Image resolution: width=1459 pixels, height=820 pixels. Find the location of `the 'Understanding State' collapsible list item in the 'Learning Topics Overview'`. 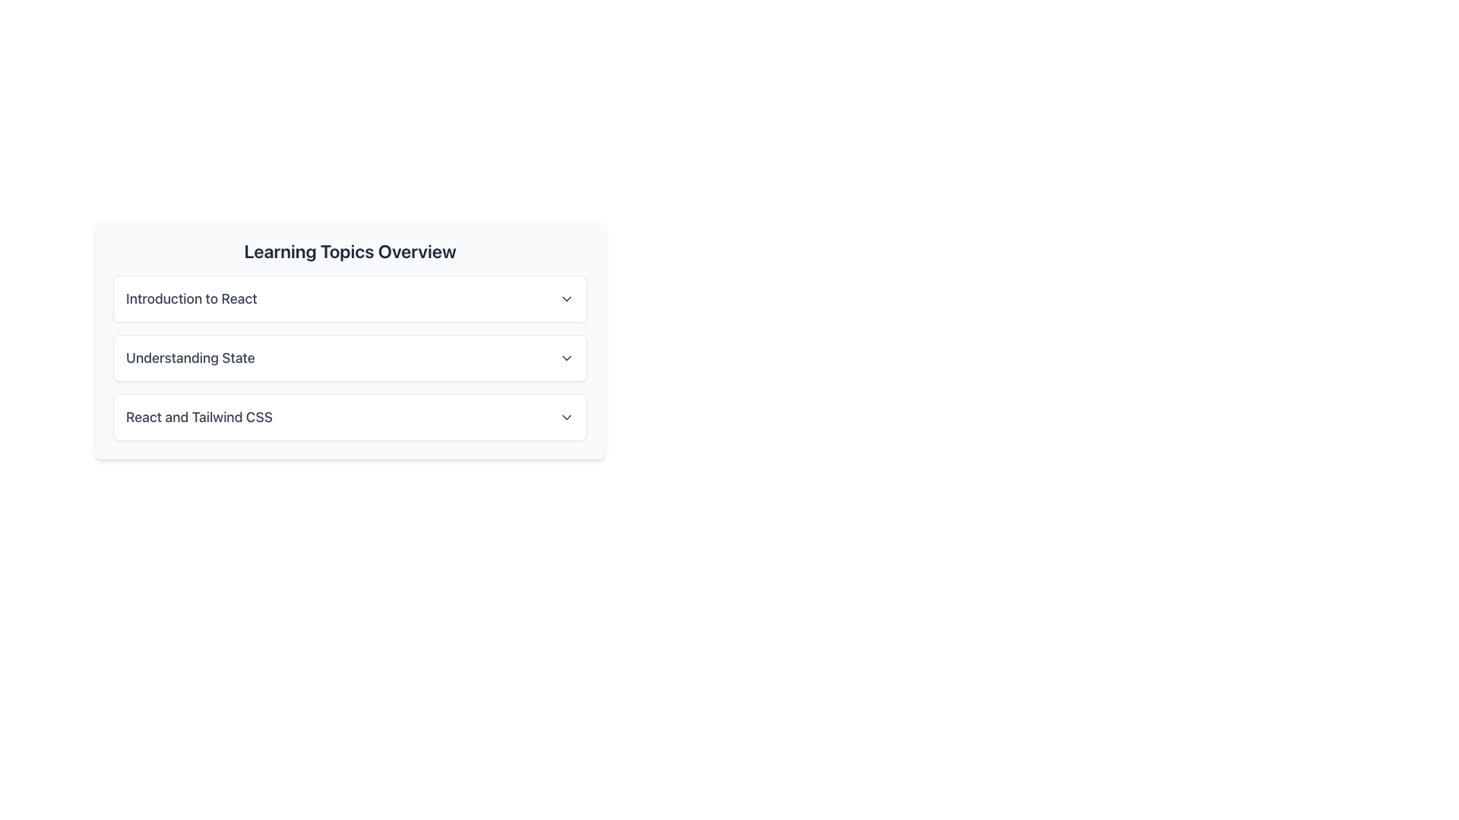

the 'Understanding State' collapsible list item in the 'Learning Topics Overview' is located at coordinates (349, 358).